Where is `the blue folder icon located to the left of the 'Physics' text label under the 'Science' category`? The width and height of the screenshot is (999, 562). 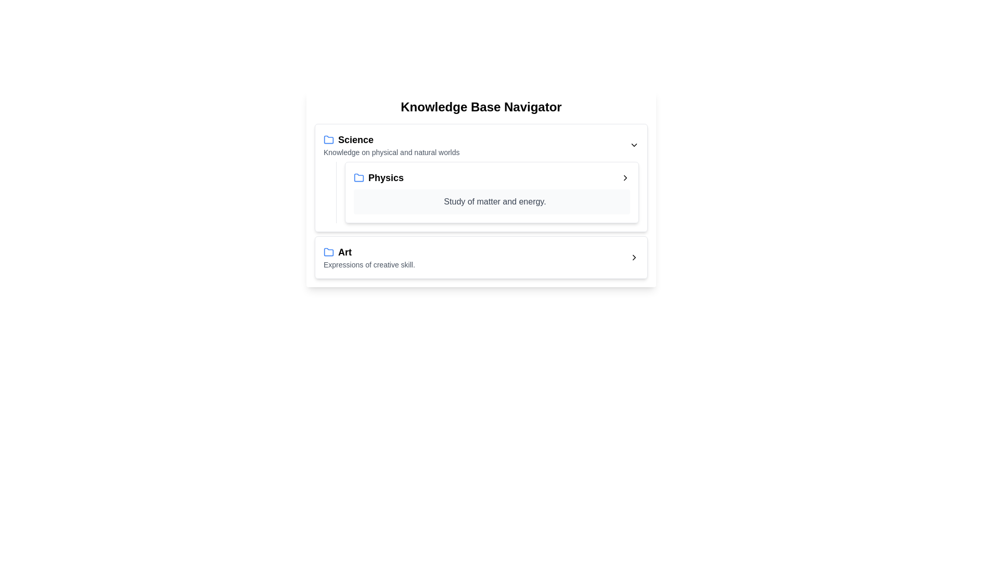 the blue folder icon located to the left of the 'Physics' text label under the 'Science' category is located at coordinates (359, 176).